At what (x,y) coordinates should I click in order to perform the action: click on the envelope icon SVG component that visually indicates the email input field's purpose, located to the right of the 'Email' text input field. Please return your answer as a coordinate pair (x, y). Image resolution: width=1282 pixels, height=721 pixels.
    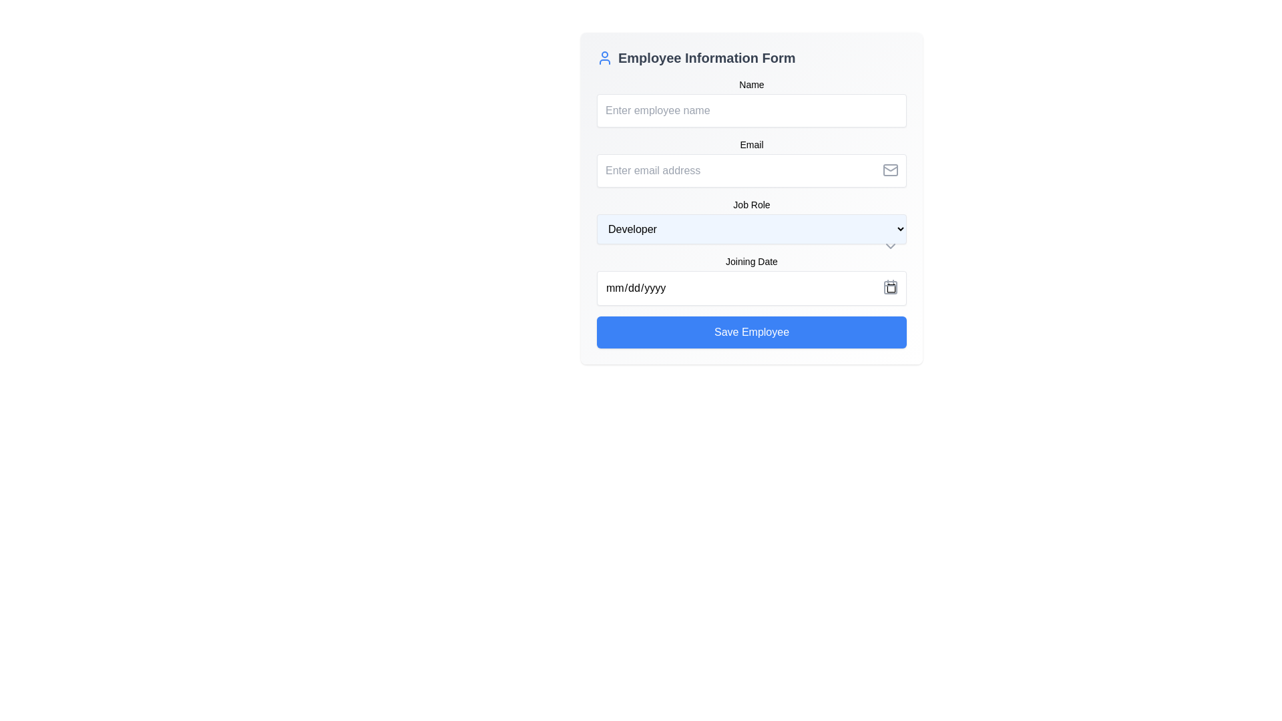
    Looking at the image, I should click on (891, 169).